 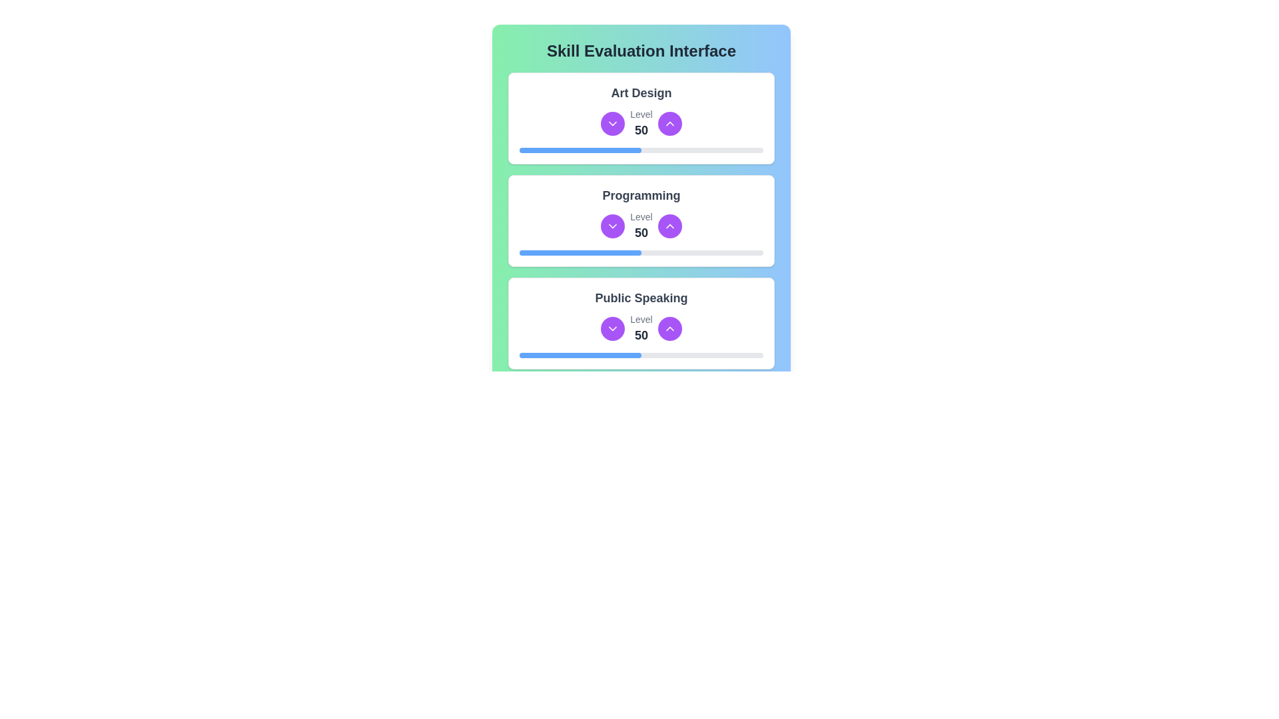 What do you see at coordinates (669, 431) in the screenshot?
I see `the circular purple button with a white chevron symbol in the bottom-right corner of the 'Public Speaking' section` at bounding box center [669, 431].